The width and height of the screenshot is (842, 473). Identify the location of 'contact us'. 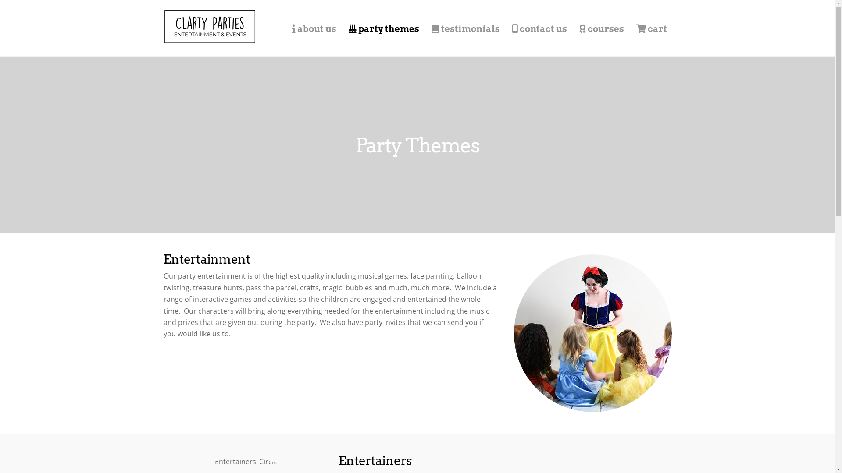
(539, 28).